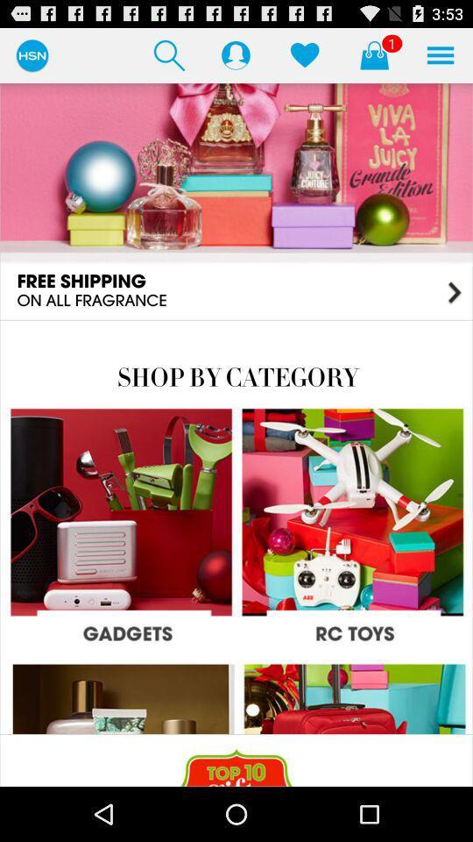  Describe the element at coordinates (236, 54) in the screenshot. I see `display the profile details` at that location.